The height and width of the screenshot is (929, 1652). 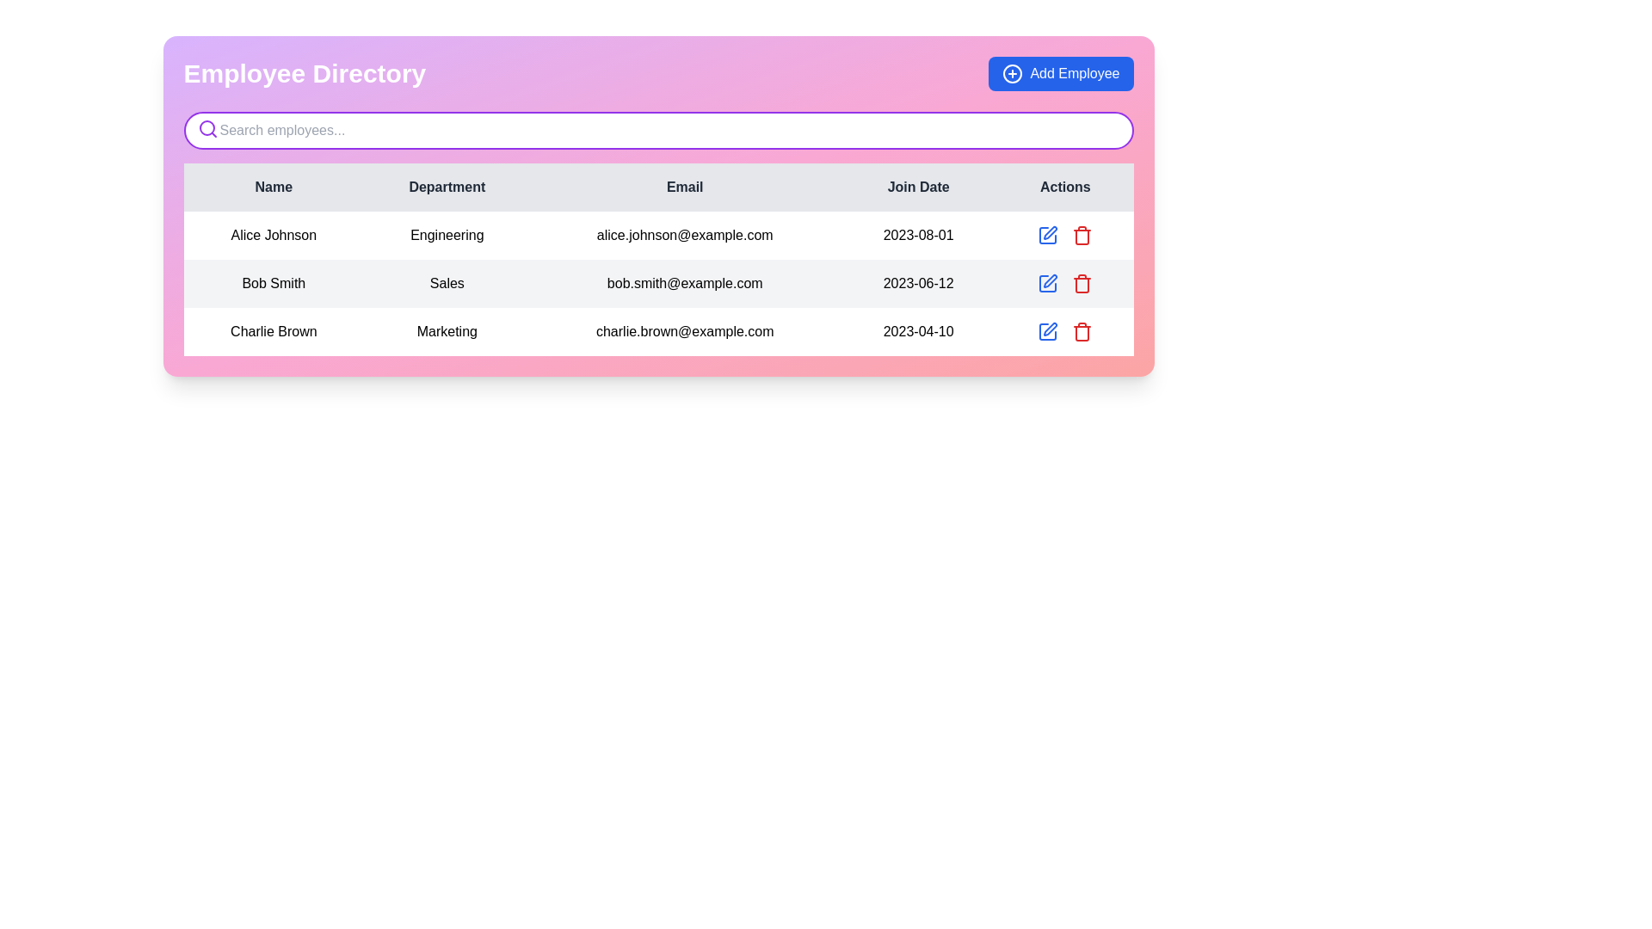 I want to click on the circular outline with a plus sign icon located within the 'Add Employee' button in the top-right corner of the interface, so click(x=1013, y=72).